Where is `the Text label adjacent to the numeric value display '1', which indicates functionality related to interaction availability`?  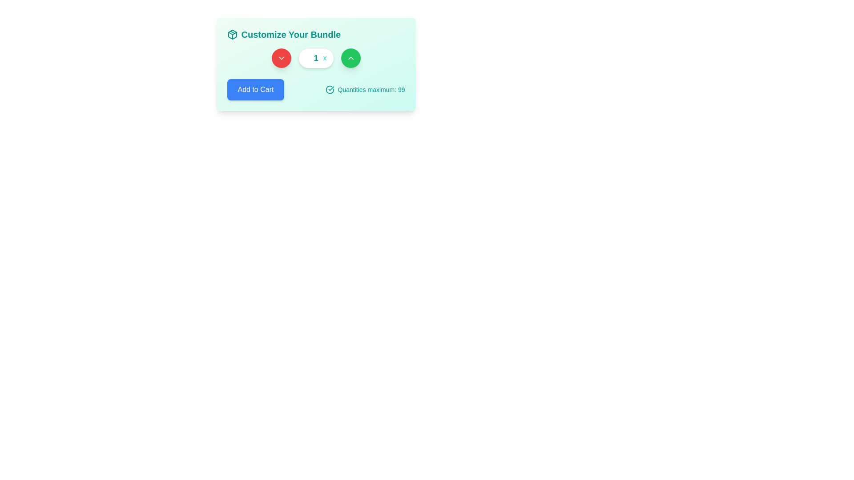
the Text label adjacent to the numeric value display '1', which indicates functionality related to interaction availability is located at coordinates (316, 58).